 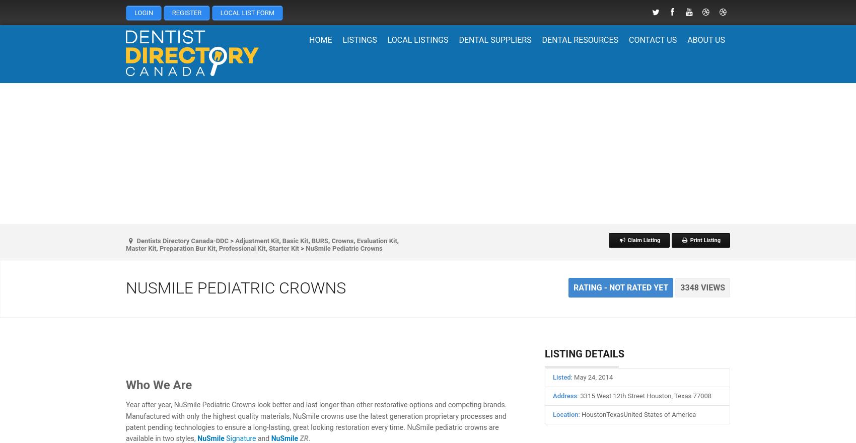 I want to click on '3348 Views', so click(x=702, y=287).